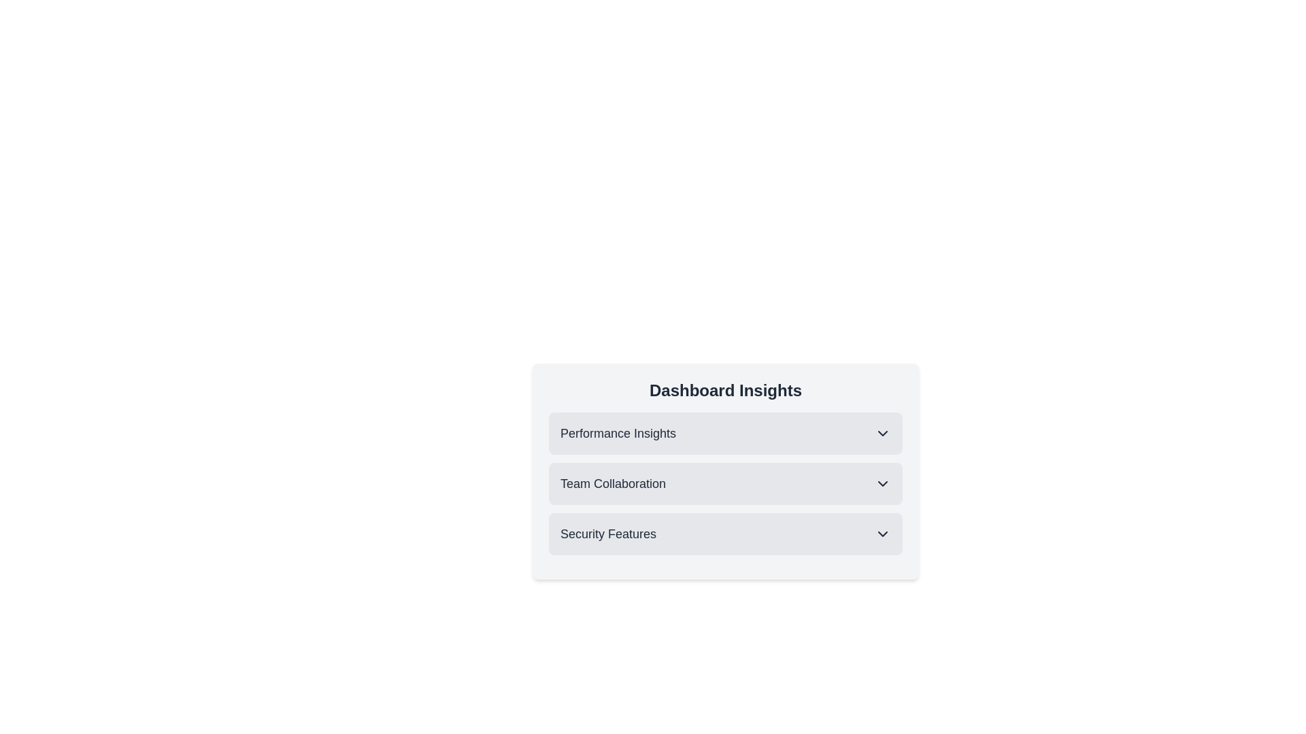 Image resolution: width=1306 pixels, height=734 pixels. I want to click on the 'Team Collaboration' text label, which is styled in bold and located under the 'Dashboard Insights' heading, between 'Performance Insights' and 'Security Features', so click(612, 483).